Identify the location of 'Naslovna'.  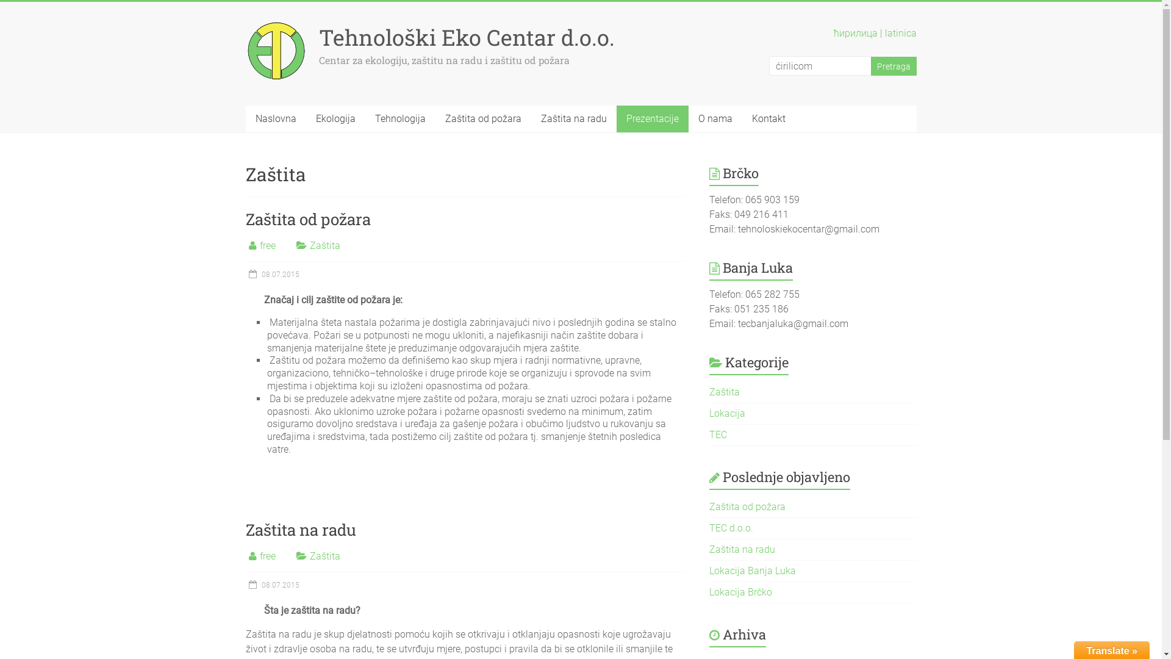
(274, 119).